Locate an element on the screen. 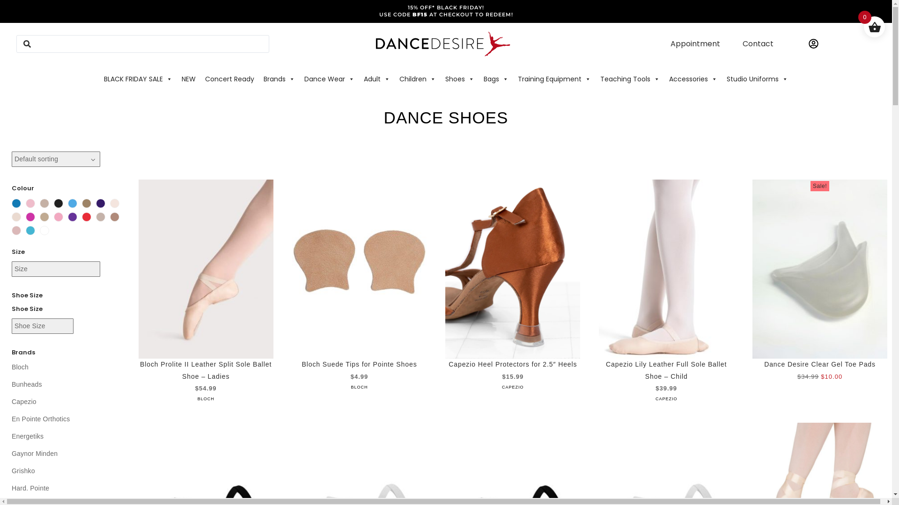 Image resolution: width=899 pixels, height=505 pixels. 'NEW' is located at coordinates (188, 79).